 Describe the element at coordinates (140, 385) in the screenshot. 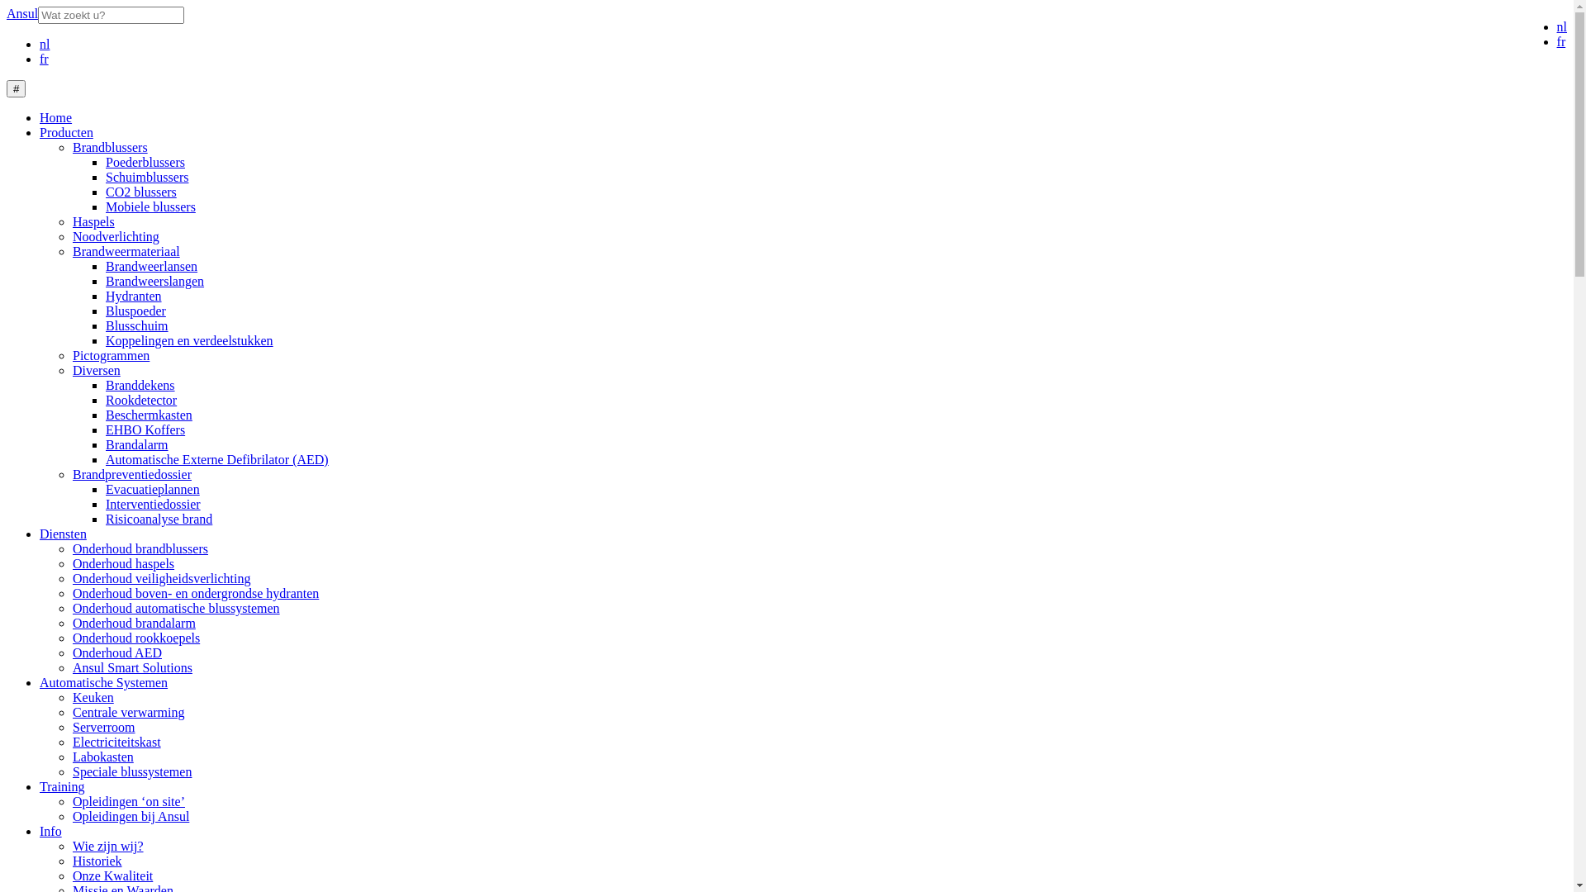

I see `'Branddekens'` at that location.